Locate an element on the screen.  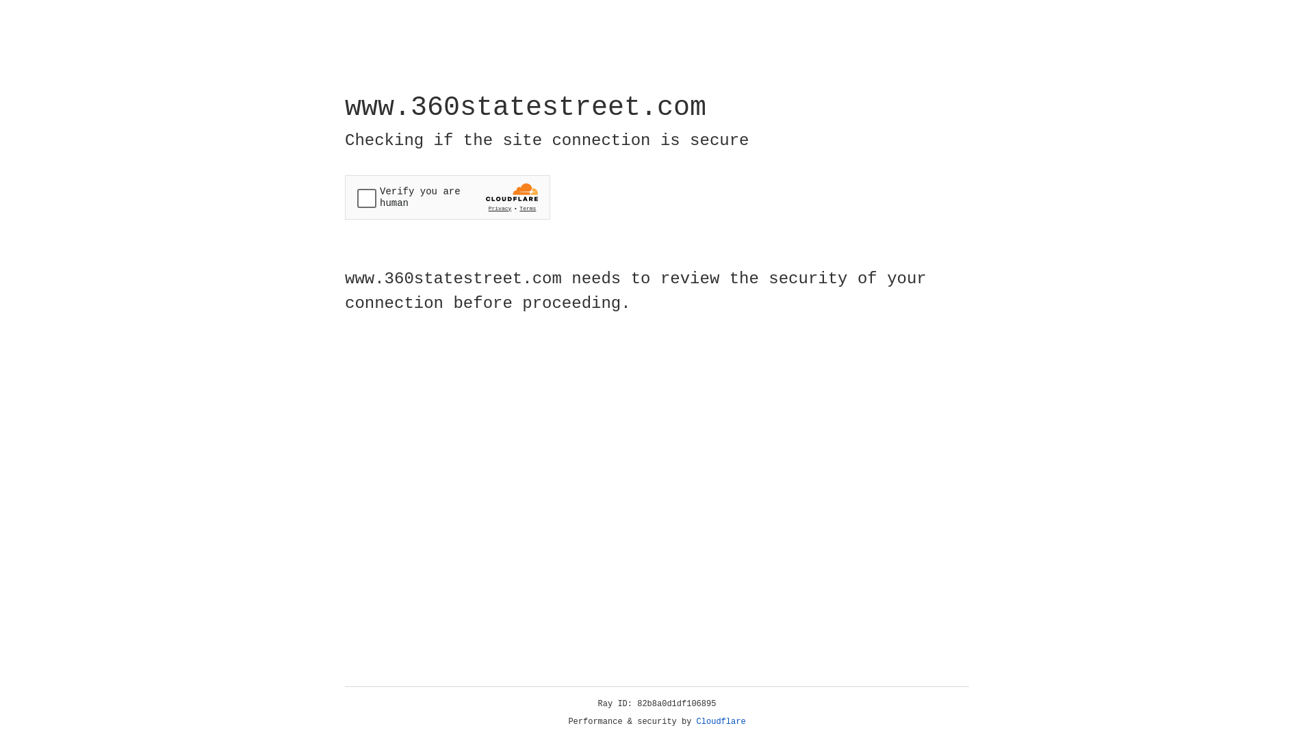
'Cloudflare' is located at coordinates (721, 721).